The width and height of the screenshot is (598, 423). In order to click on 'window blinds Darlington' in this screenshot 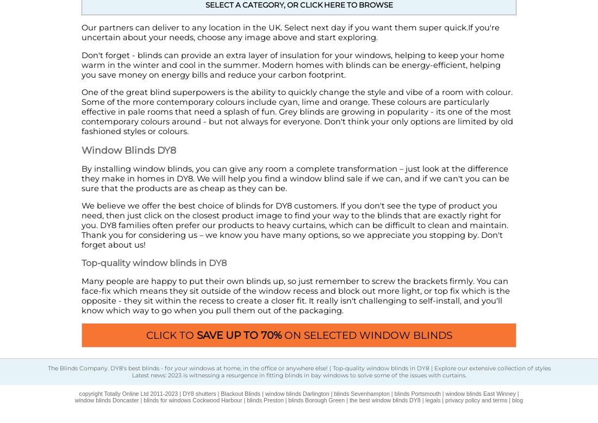, I will do `click(297, 393)`.